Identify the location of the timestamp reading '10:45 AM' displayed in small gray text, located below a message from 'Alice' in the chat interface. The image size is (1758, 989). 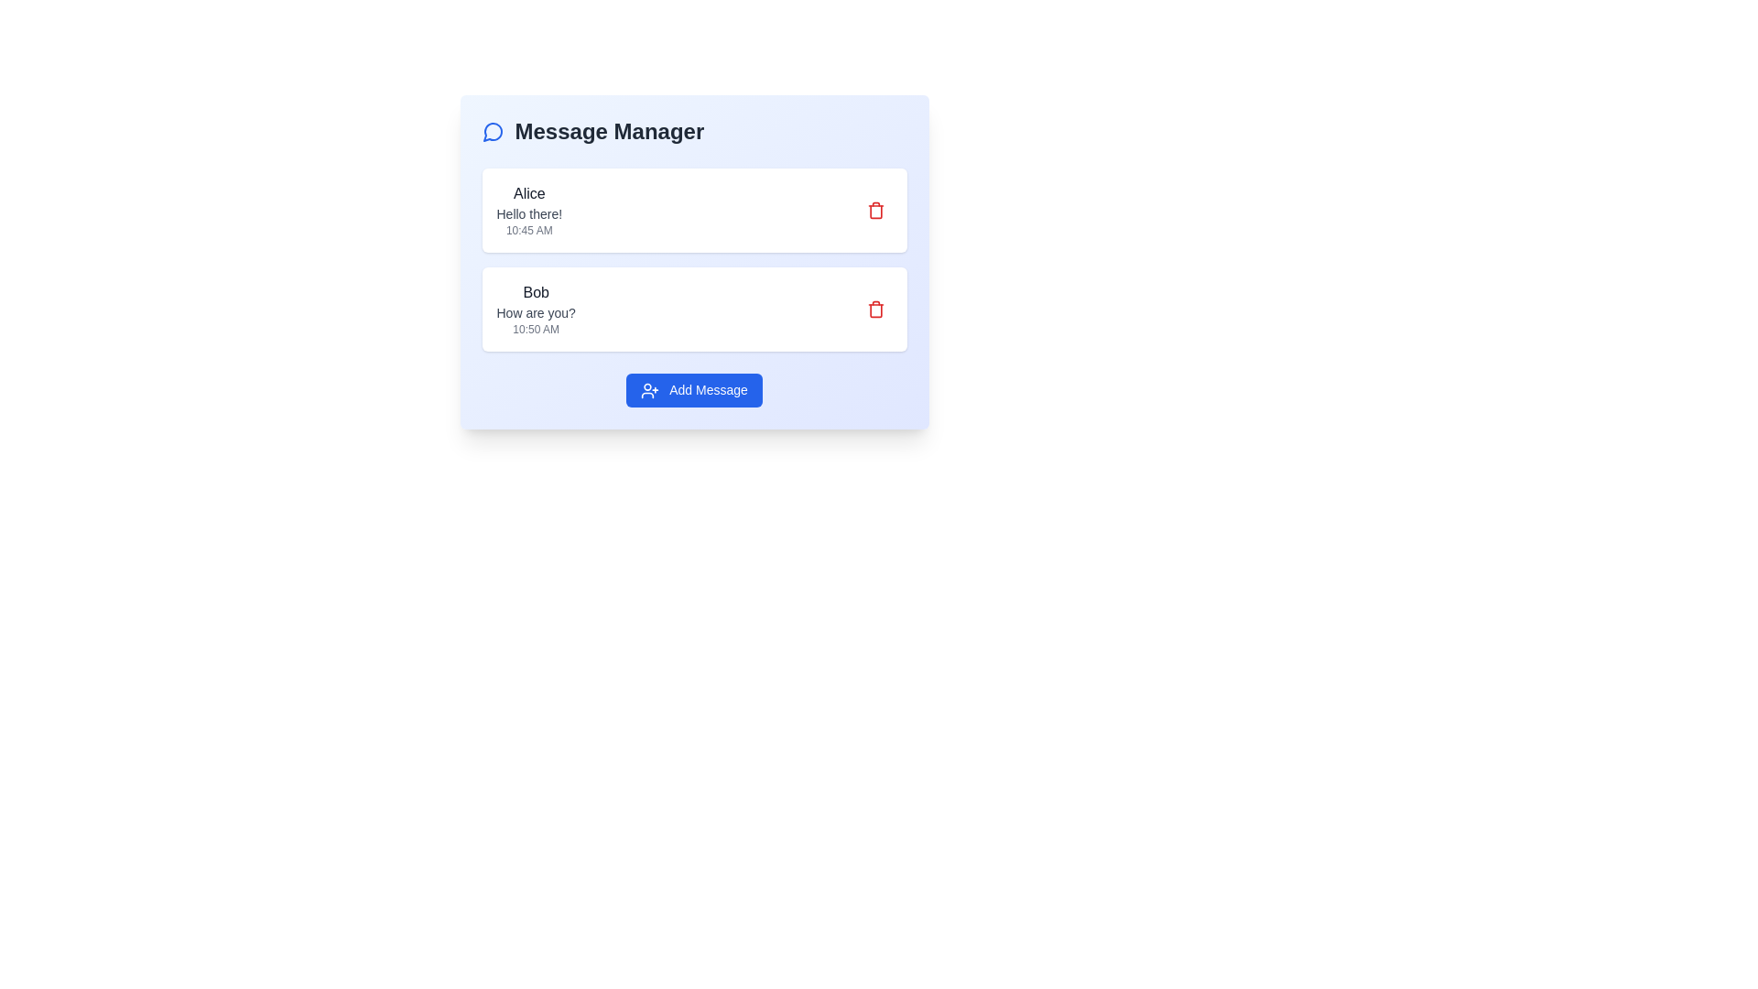
(528, 229).